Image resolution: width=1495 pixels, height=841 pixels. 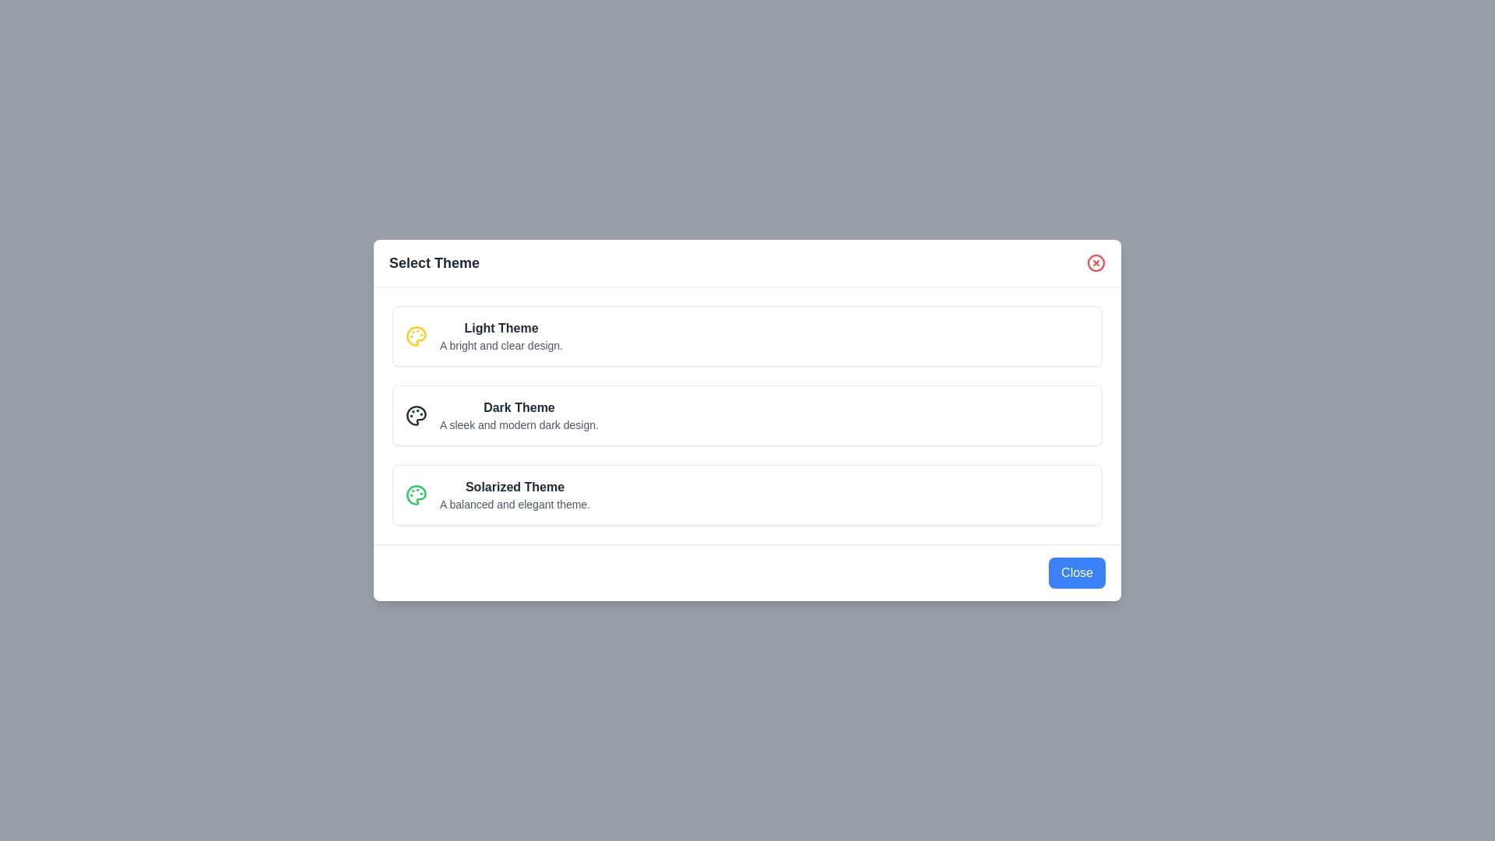 I want to click on the close button to close the dialog, so click(x=1095, y=262).